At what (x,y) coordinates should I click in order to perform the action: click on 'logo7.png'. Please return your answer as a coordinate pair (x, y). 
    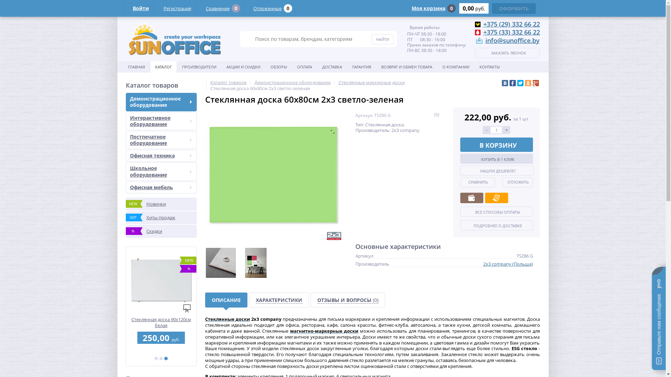
    Looking at the image, I should click on (174, 39).